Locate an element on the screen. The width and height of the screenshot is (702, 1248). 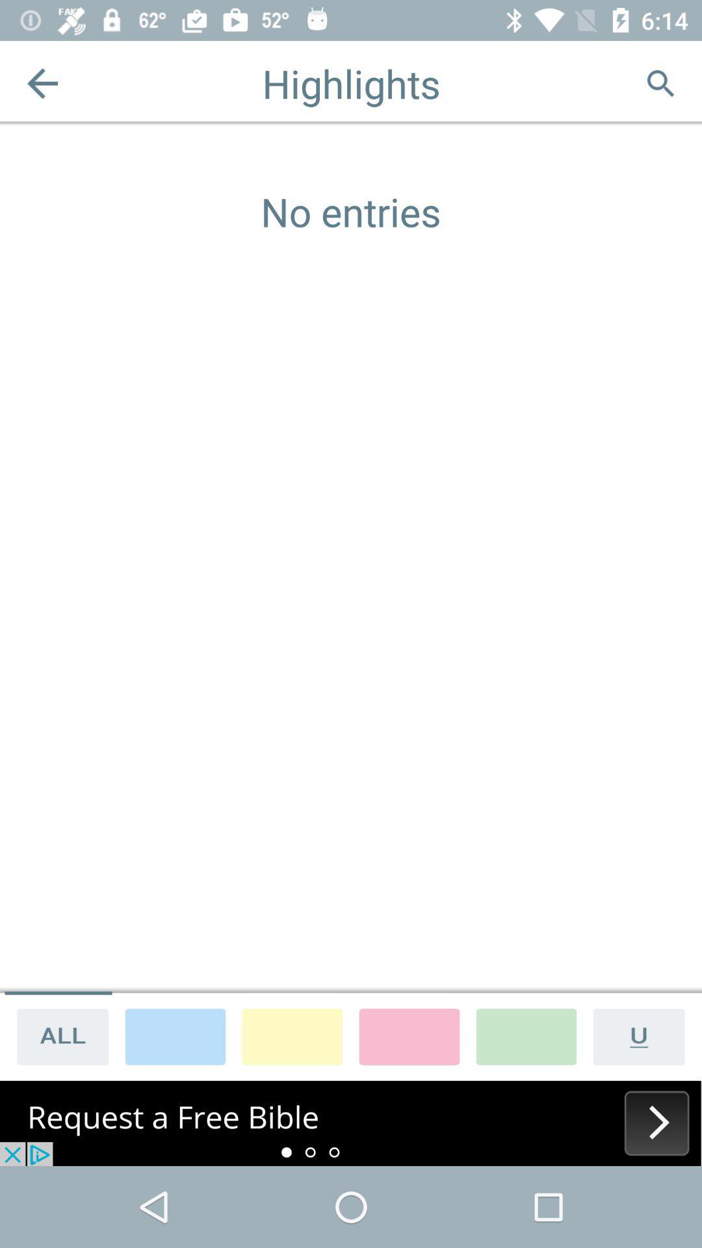
change background color is located at coordinates (526, 1035).